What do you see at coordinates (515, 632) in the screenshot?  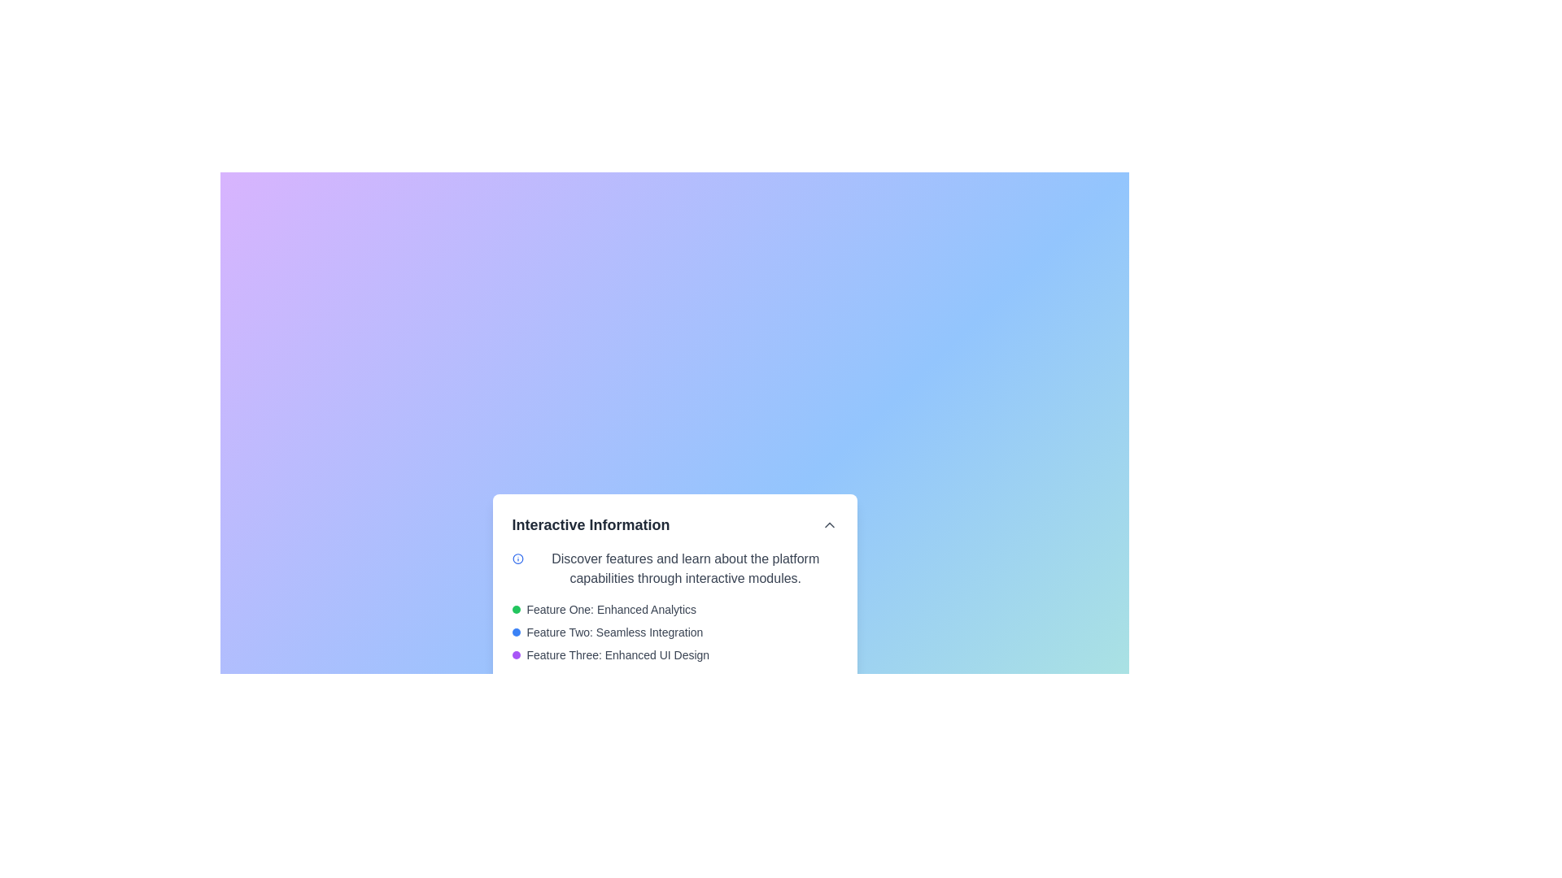 I see `the bullet point indicator for the list item labeled 'Feature Two: Seamless Integration.'` at bounding box center [515, 632].